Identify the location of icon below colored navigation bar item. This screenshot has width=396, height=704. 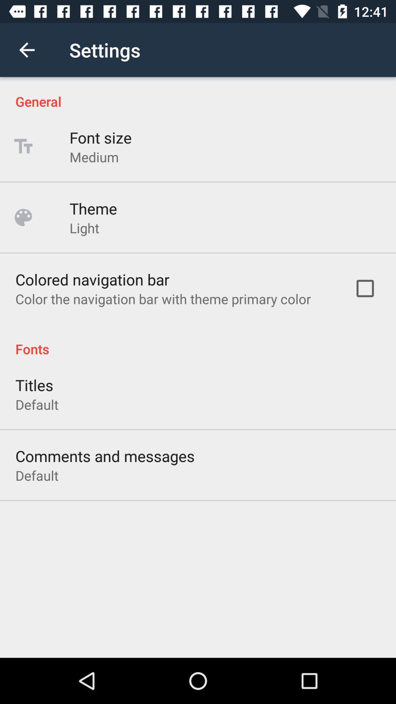
(163, 299).